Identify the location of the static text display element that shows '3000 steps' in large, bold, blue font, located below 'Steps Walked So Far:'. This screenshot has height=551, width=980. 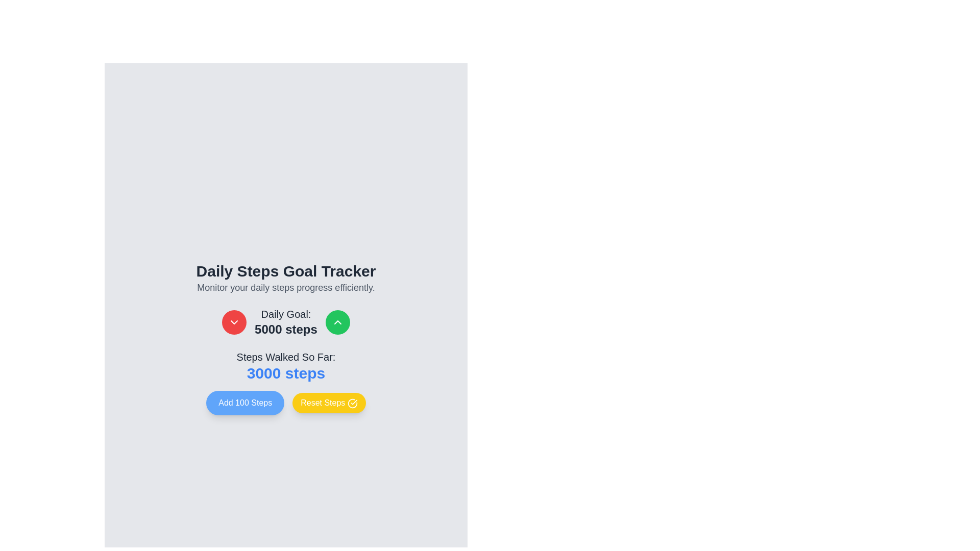
(286, 373).